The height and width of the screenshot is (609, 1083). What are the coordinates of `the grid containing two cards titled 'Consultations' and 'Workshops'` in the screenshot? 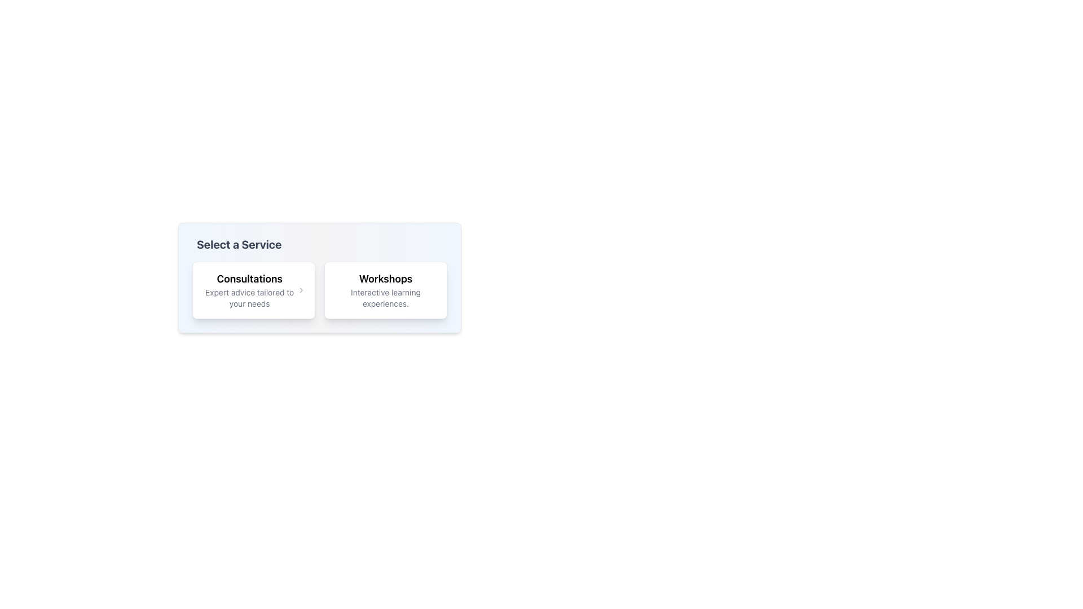 It's located at (319, 290).